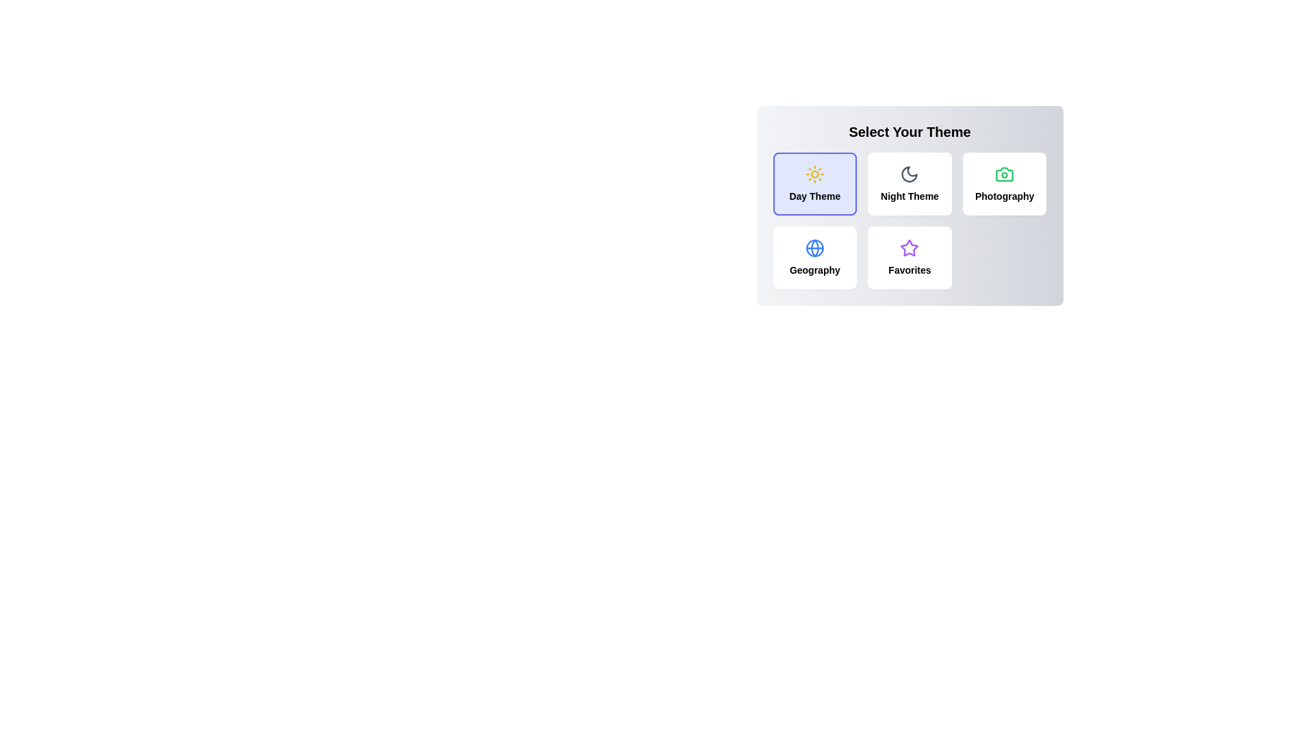  What do you see at coordinates (910, 248) in the screenshot?
I see `the star-shaped graphic with a purple outline located in the lower-right tile labeled 'Favorites' within the theme selection area` at bounding box center [910, 248].